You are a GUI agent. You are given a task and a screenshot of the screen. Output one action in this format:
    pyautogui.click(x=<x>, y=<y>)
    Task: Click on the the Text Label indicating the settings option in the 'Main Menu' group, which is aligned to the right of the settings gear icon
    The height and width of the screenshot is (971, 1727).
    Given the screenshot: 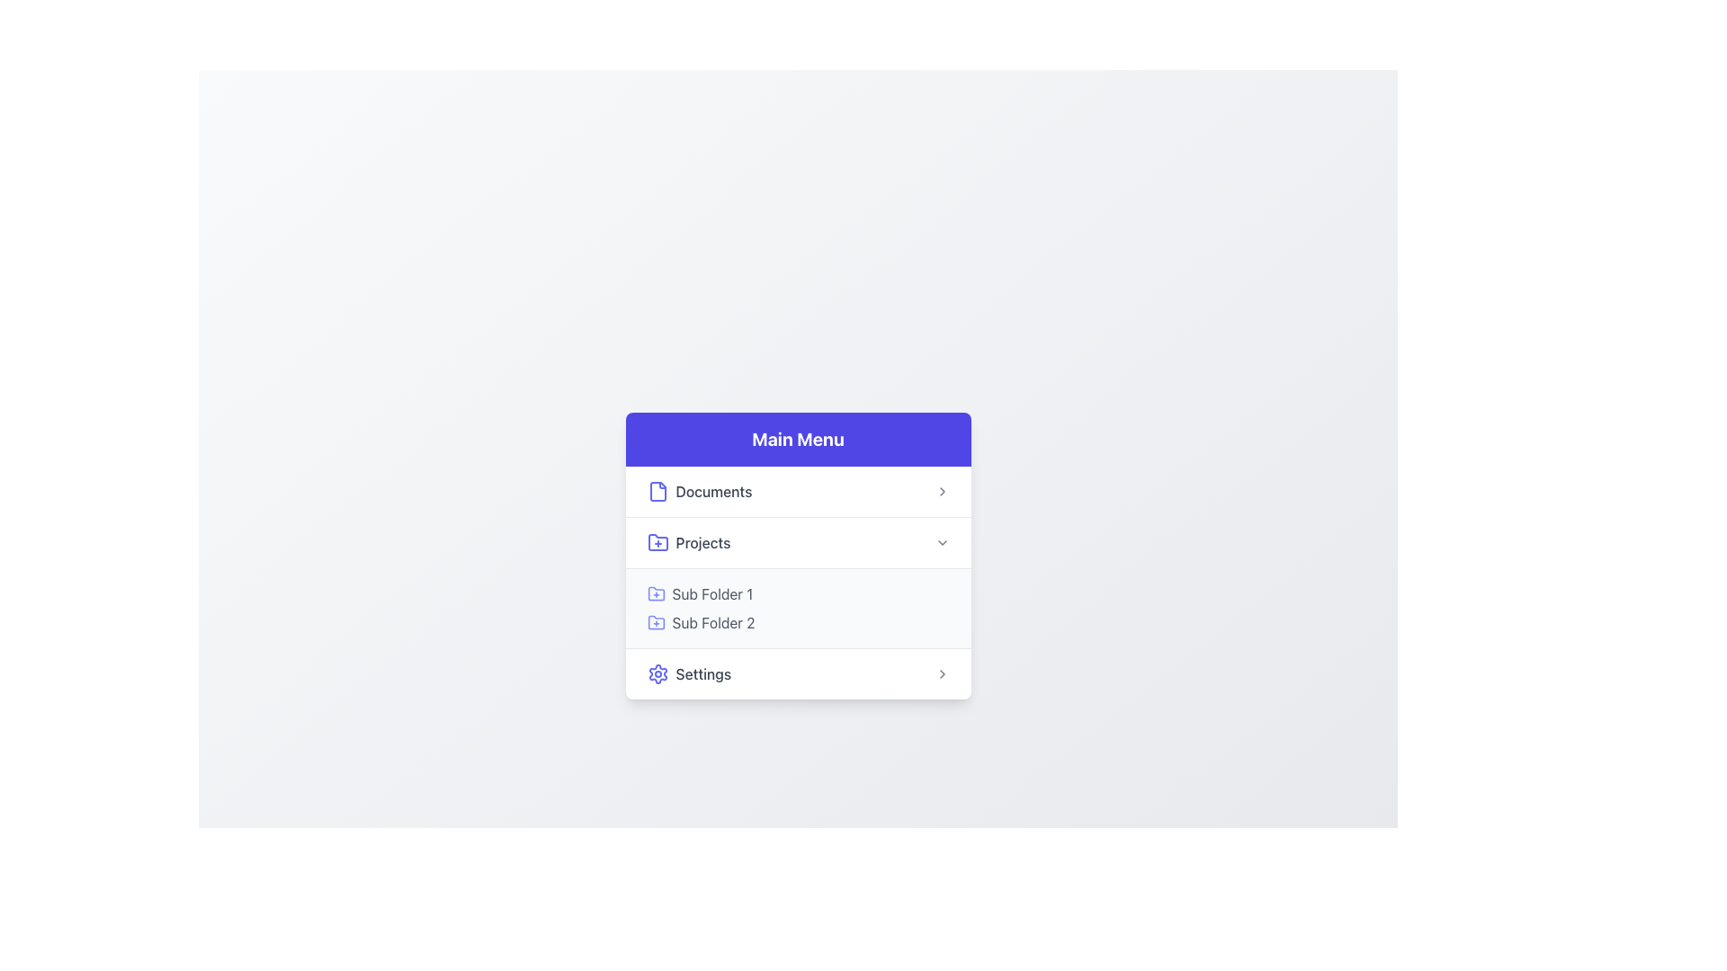 What is the action you would take?
    pyautogui.click(x=702, y=673)
    